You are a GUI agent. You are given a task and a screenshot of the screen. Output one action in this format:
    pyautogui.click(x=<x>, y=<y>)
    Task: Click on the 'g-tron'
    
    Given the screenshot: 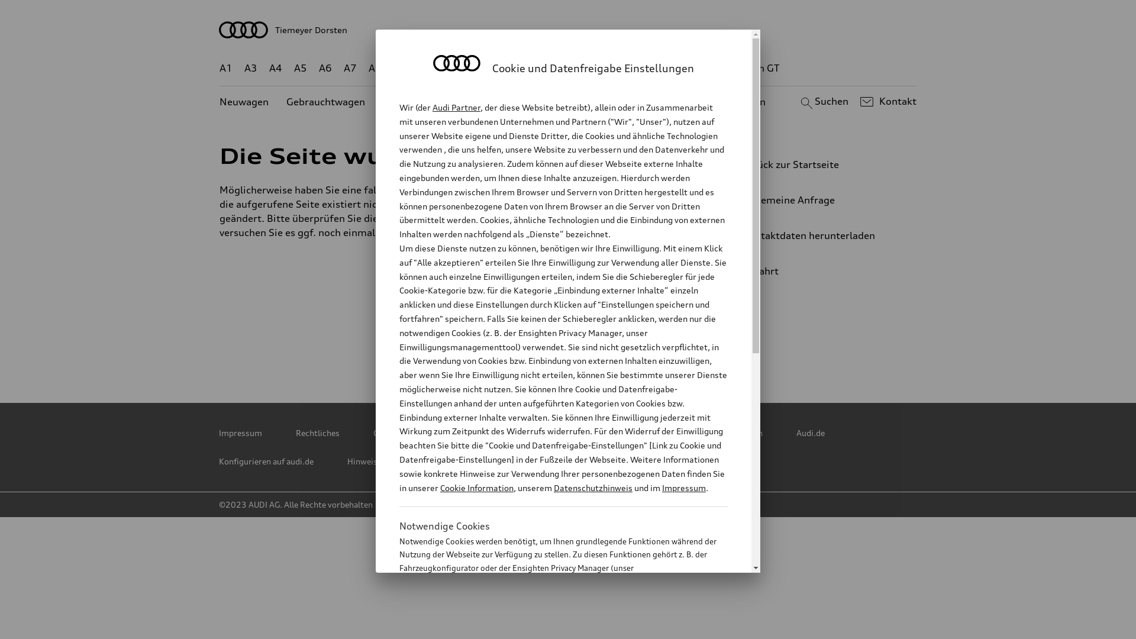 What is the action you would take?
    pyautogui.click(x=709, y=68)
    